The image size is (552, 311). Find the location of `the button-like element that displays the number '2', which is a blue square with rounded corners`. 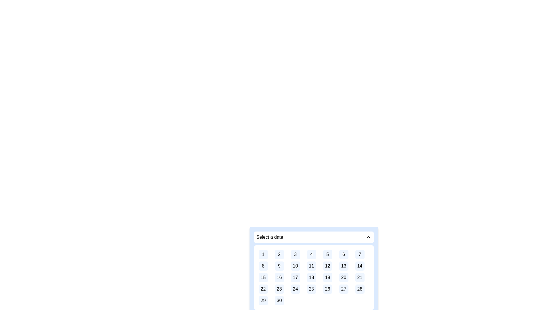

the button-like element that displays the number '2', which is a blue square with rounded corners is located at coordinates (279, 254).